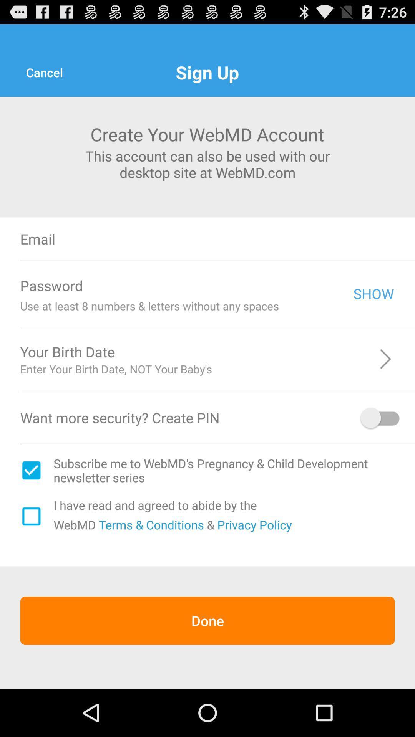  I want to click on consent, so click(31, 516).